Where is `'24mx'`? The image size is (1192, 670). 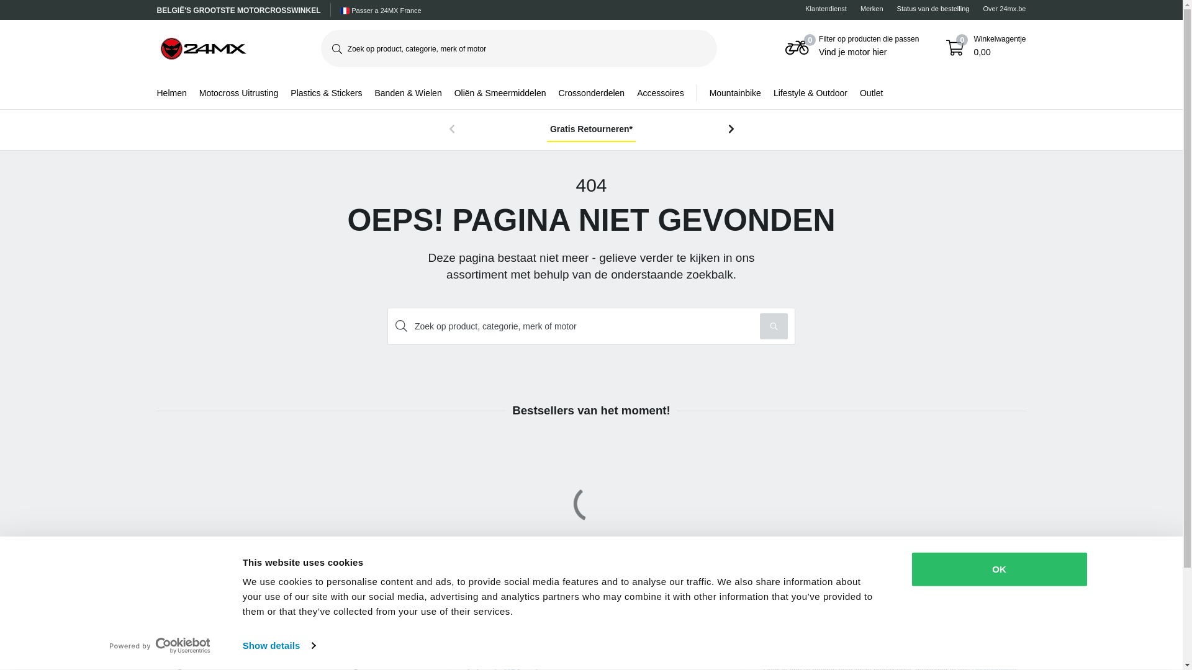
'24mx' is located at coordinates (202, 48).